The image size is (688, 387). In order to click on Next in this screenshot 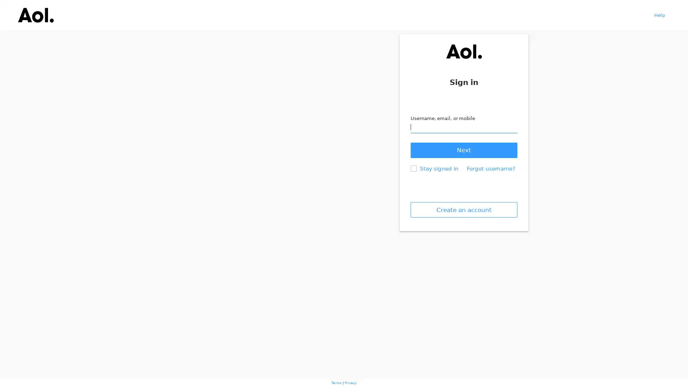, I will do `click(464, 150)`.